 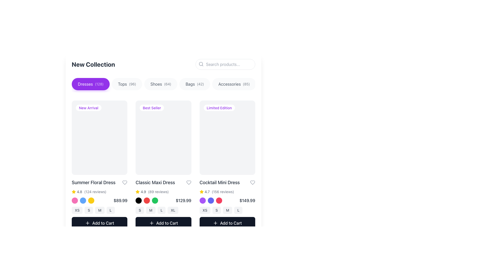 I want to click on text of the descriptive title label for the product, which is located to the left of a heart-shaped icon and above the product details such as ratings and pricing, so click(x=94, y=182).